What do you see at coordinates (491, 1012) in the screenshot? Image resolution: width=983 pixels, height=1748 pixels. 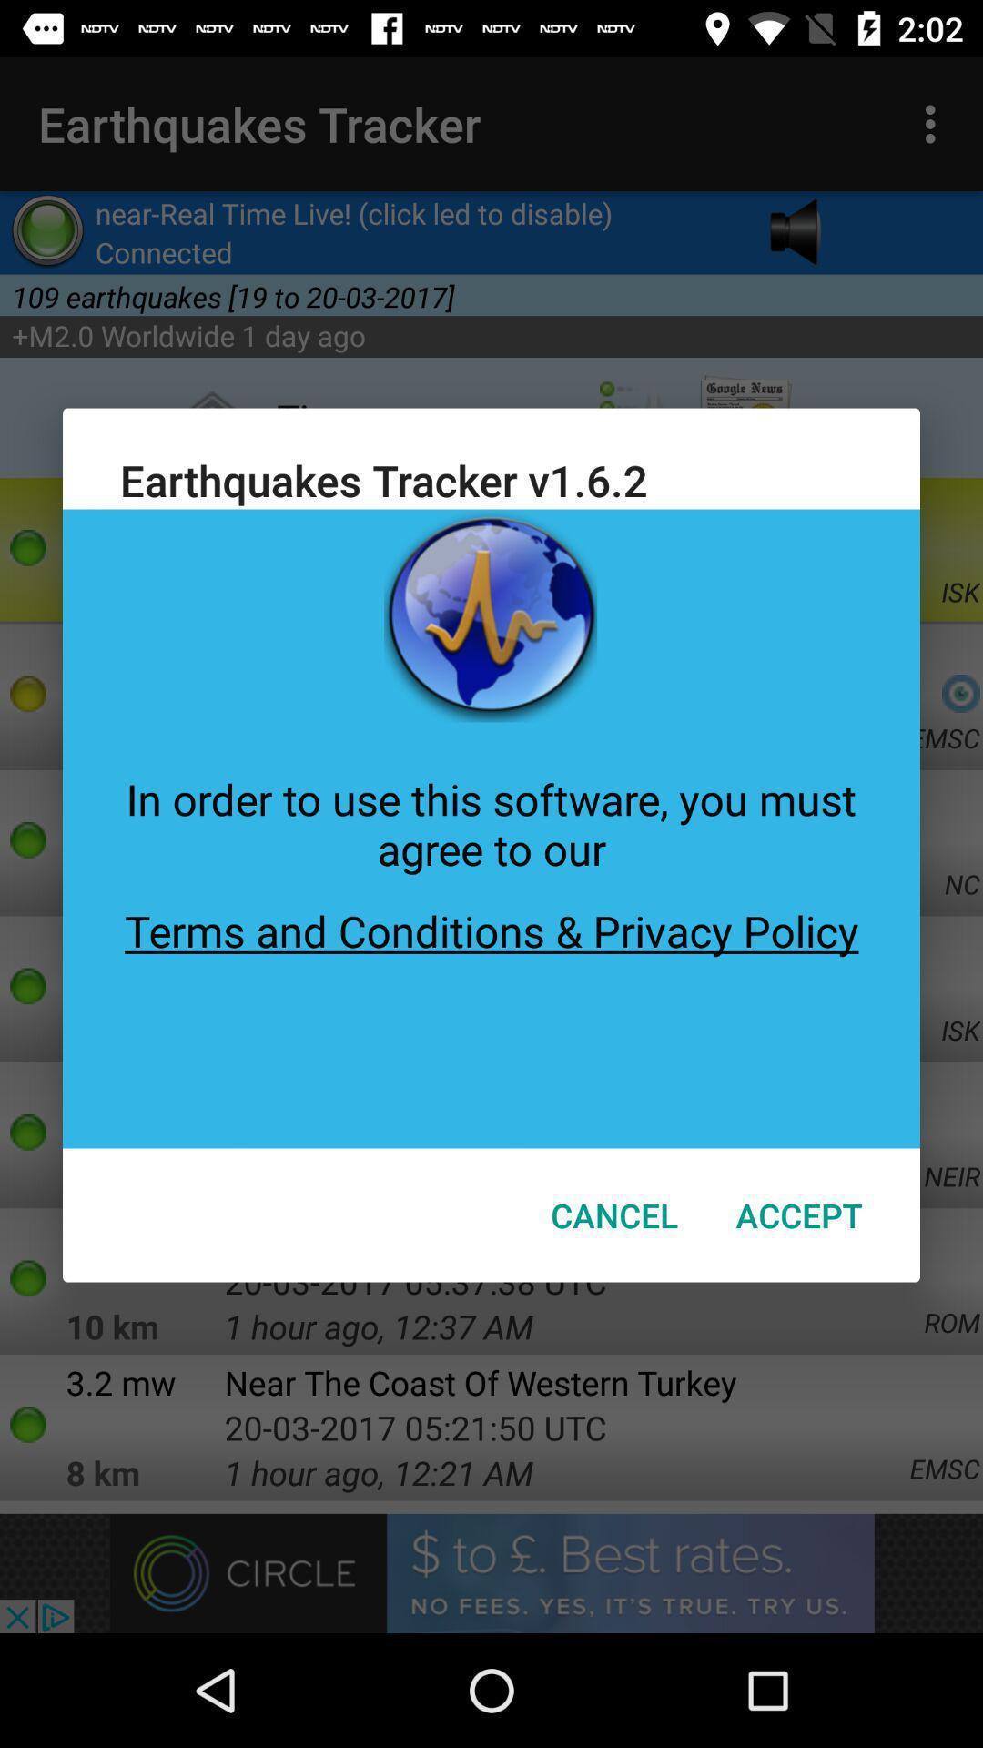 I see `the terms and conditions item` at bounding box center [491, 1012].